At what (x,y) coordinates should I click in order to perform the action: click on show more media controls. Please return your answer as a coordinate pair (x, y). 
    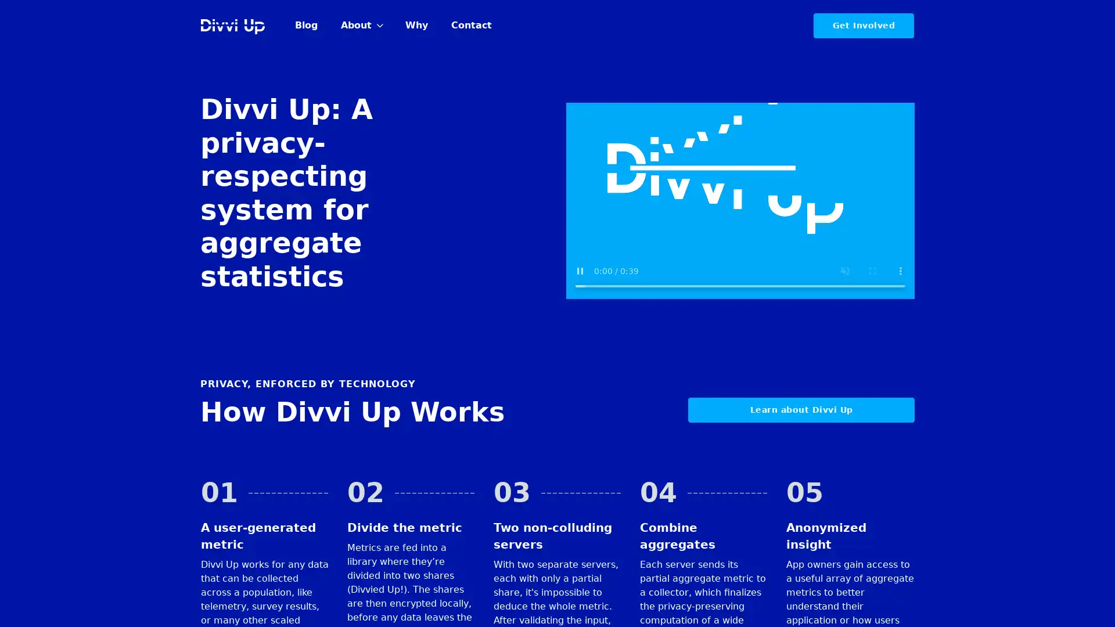
    Looking at the image, I should click on (900, 271).